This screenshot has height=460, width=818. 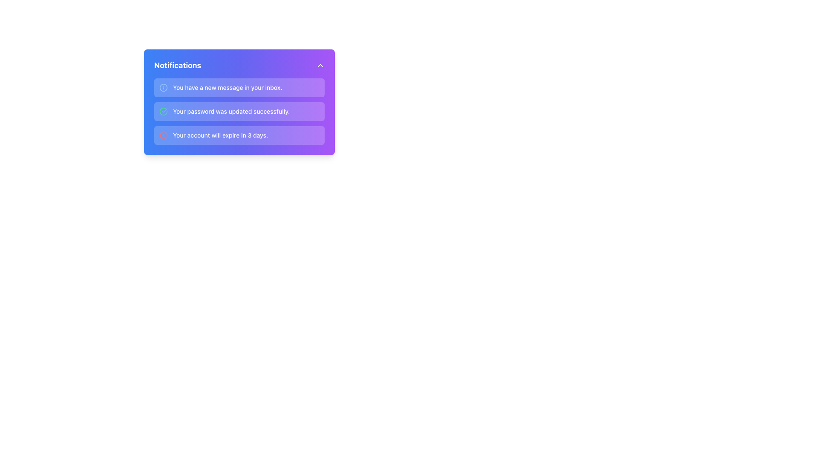 I want to click on notifications from the primary notification card, which is a rectangular card with a blue to purple gradient background containing multiple textual notifications in white, so click(x=239, y=101).